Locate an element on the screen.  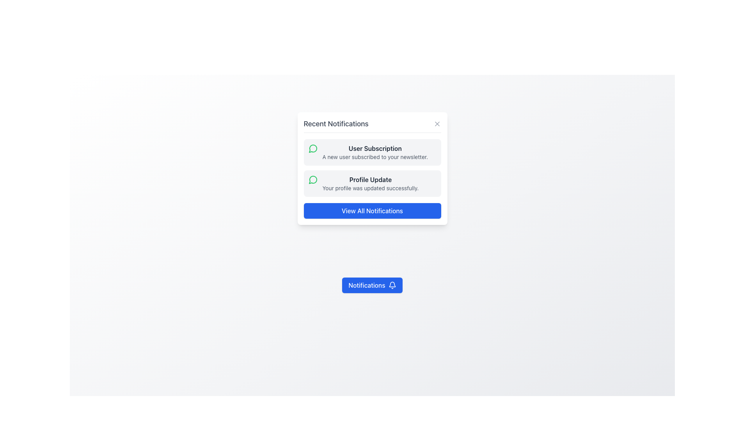
text of the Text Label that serves as the title for the notification panel, located at the top left of the panel is located at coordinates (336, 123).